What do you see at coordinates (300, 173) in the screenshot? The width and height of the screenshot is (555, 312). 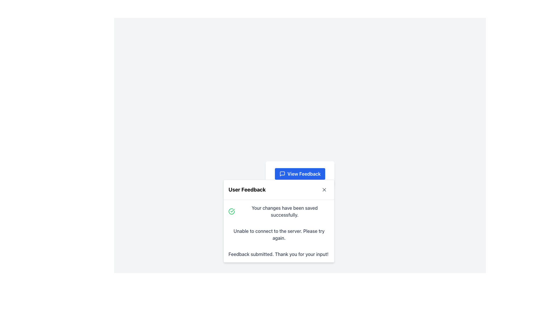 I see `the blue button labeled 'View Feedback' with a speech bubble icon located at the upper part of the feedback panel` at bounding box center [300, 173].